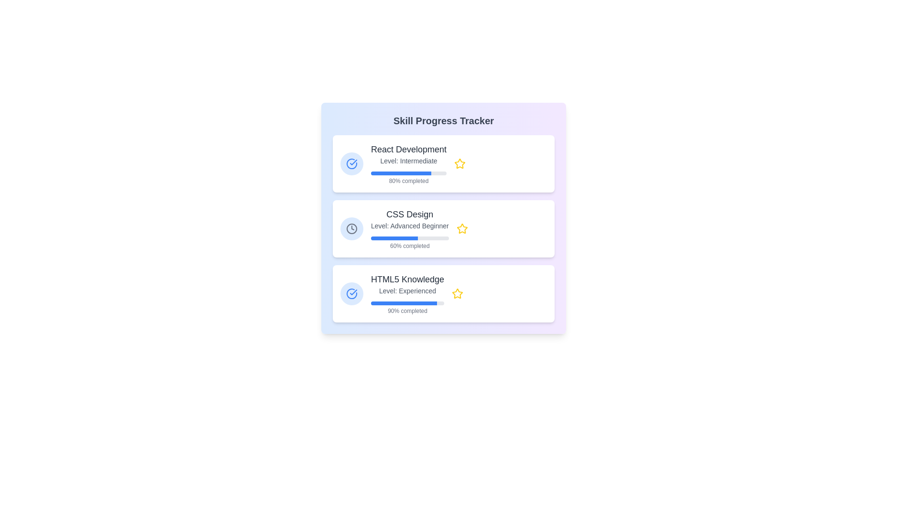 The height and width of the screenshot is (516, 918). What do you see at coordinates (351, 293) in the screenshot?
I see `the area containing the success icon for the 'React Development' progress card, which is located on the left side of the card in the Skill Progress Tracker interface` at bounding box center [351, 293].